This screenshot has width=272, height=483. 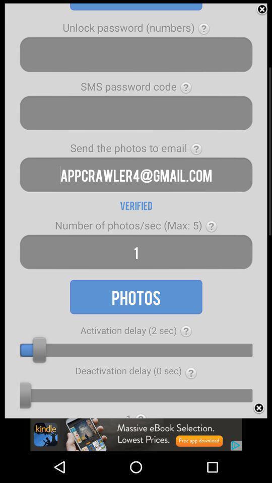 What do you see at coordinates (262, 9) in the screenshot?
I see `window` at bounding box center [262, 9].